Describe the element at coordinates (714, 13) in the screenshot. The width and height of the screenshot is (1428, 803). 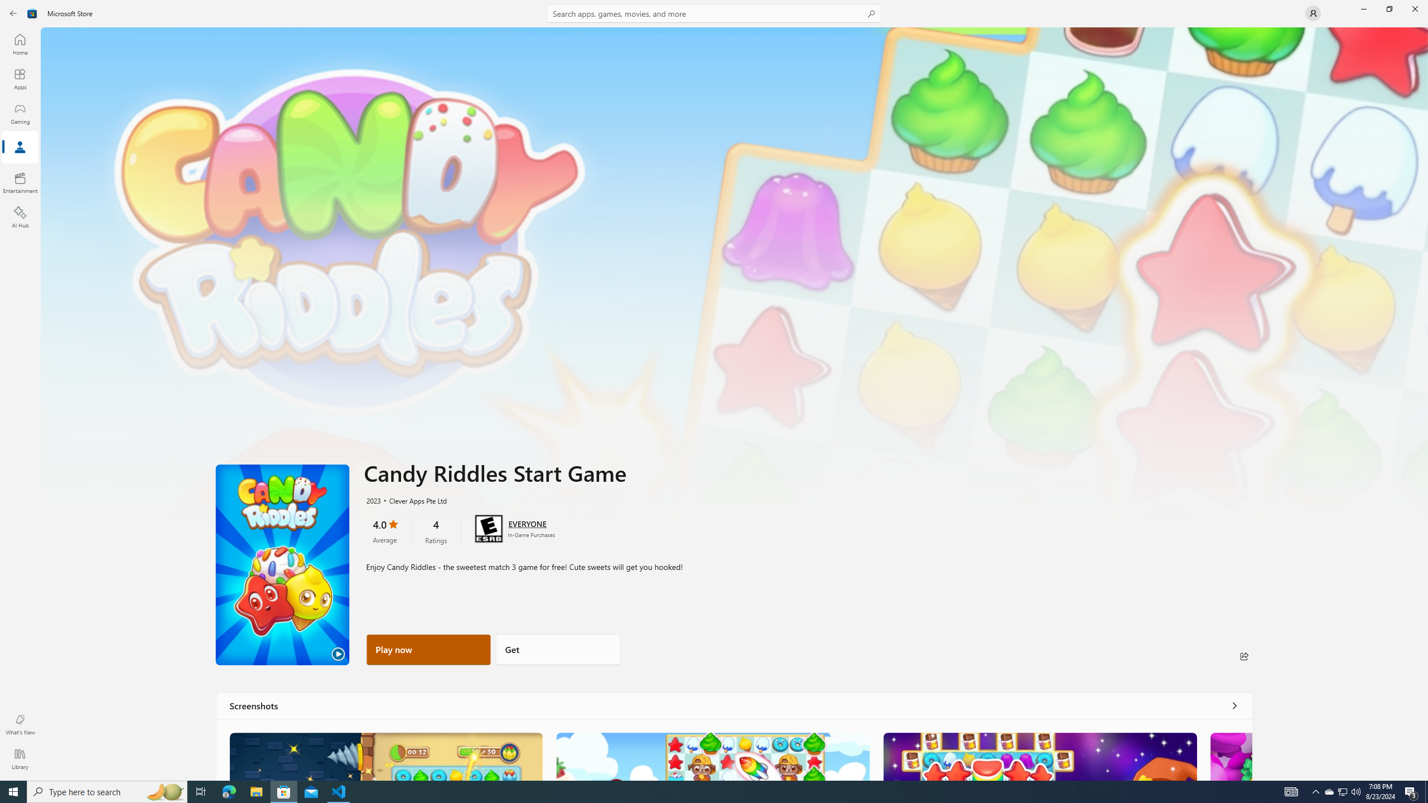
I see `'Search'` at that location.